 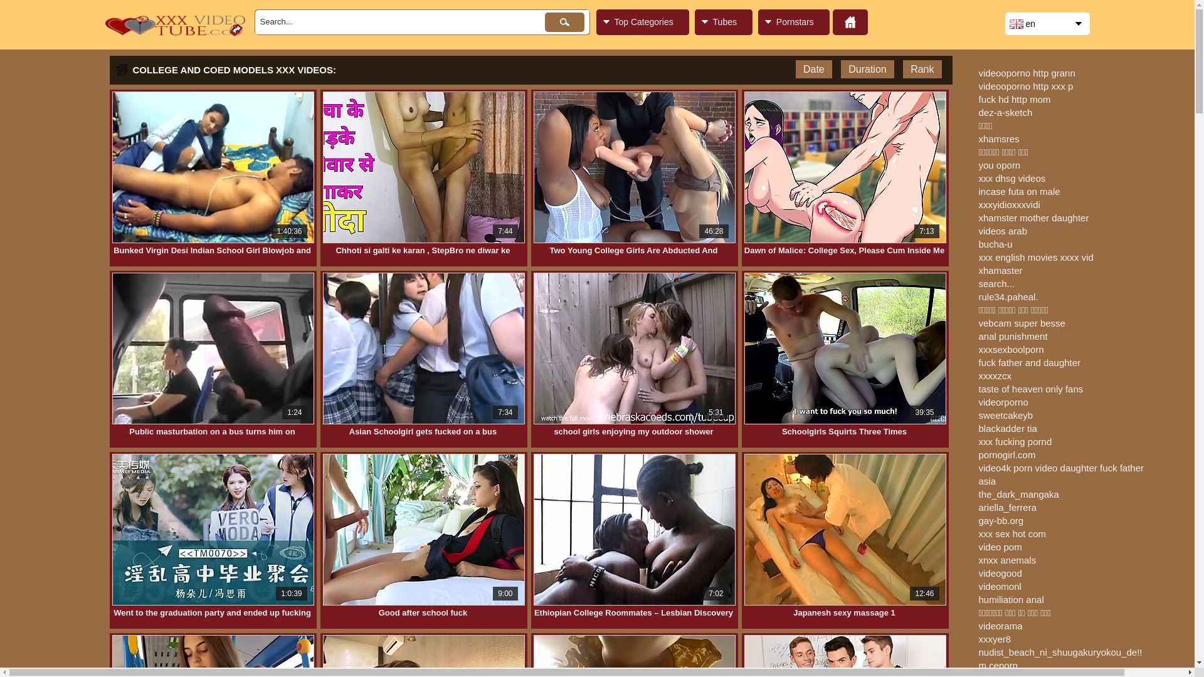 I want to click on 'video4k porn video daughter fuck father', so click(x=978, y=468).